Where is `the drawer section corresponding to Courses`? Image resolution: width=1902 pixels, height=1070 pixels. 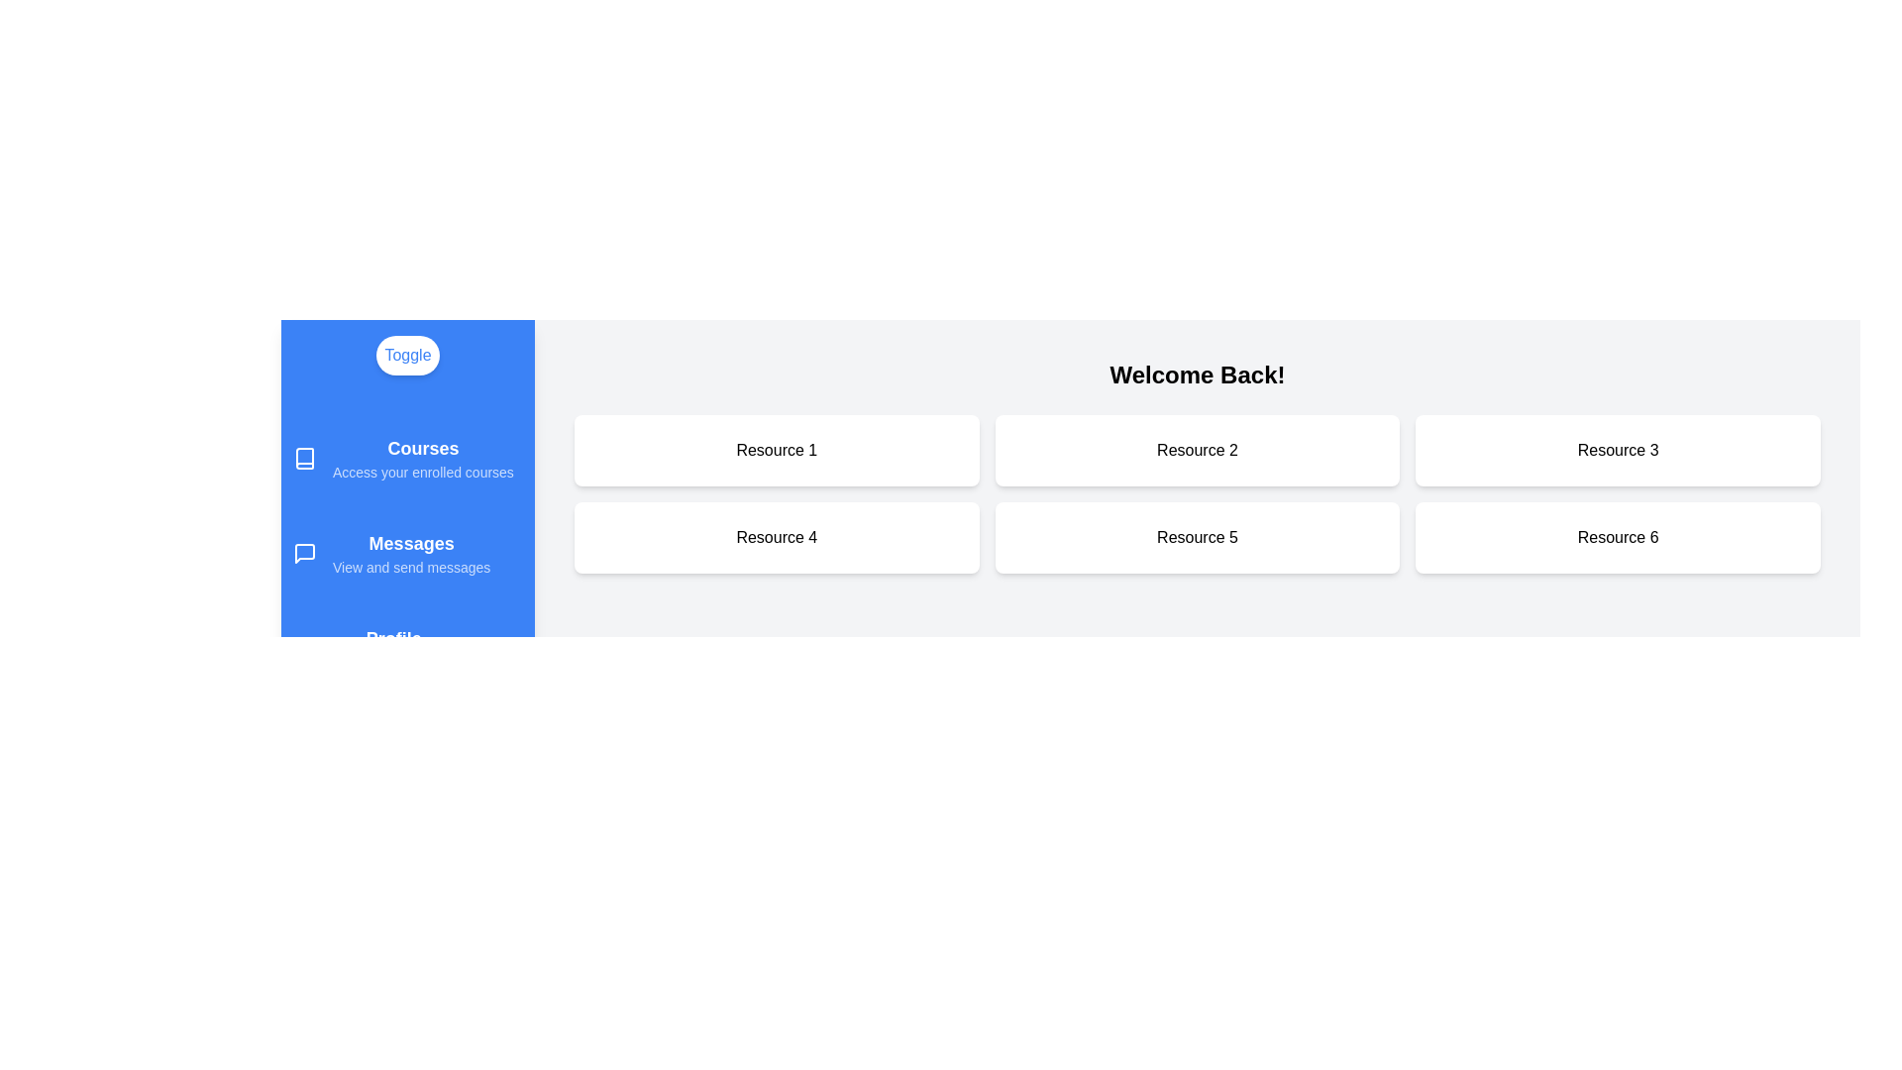
the drawer section corresponding to Courses is located at coordinates (407, 458).